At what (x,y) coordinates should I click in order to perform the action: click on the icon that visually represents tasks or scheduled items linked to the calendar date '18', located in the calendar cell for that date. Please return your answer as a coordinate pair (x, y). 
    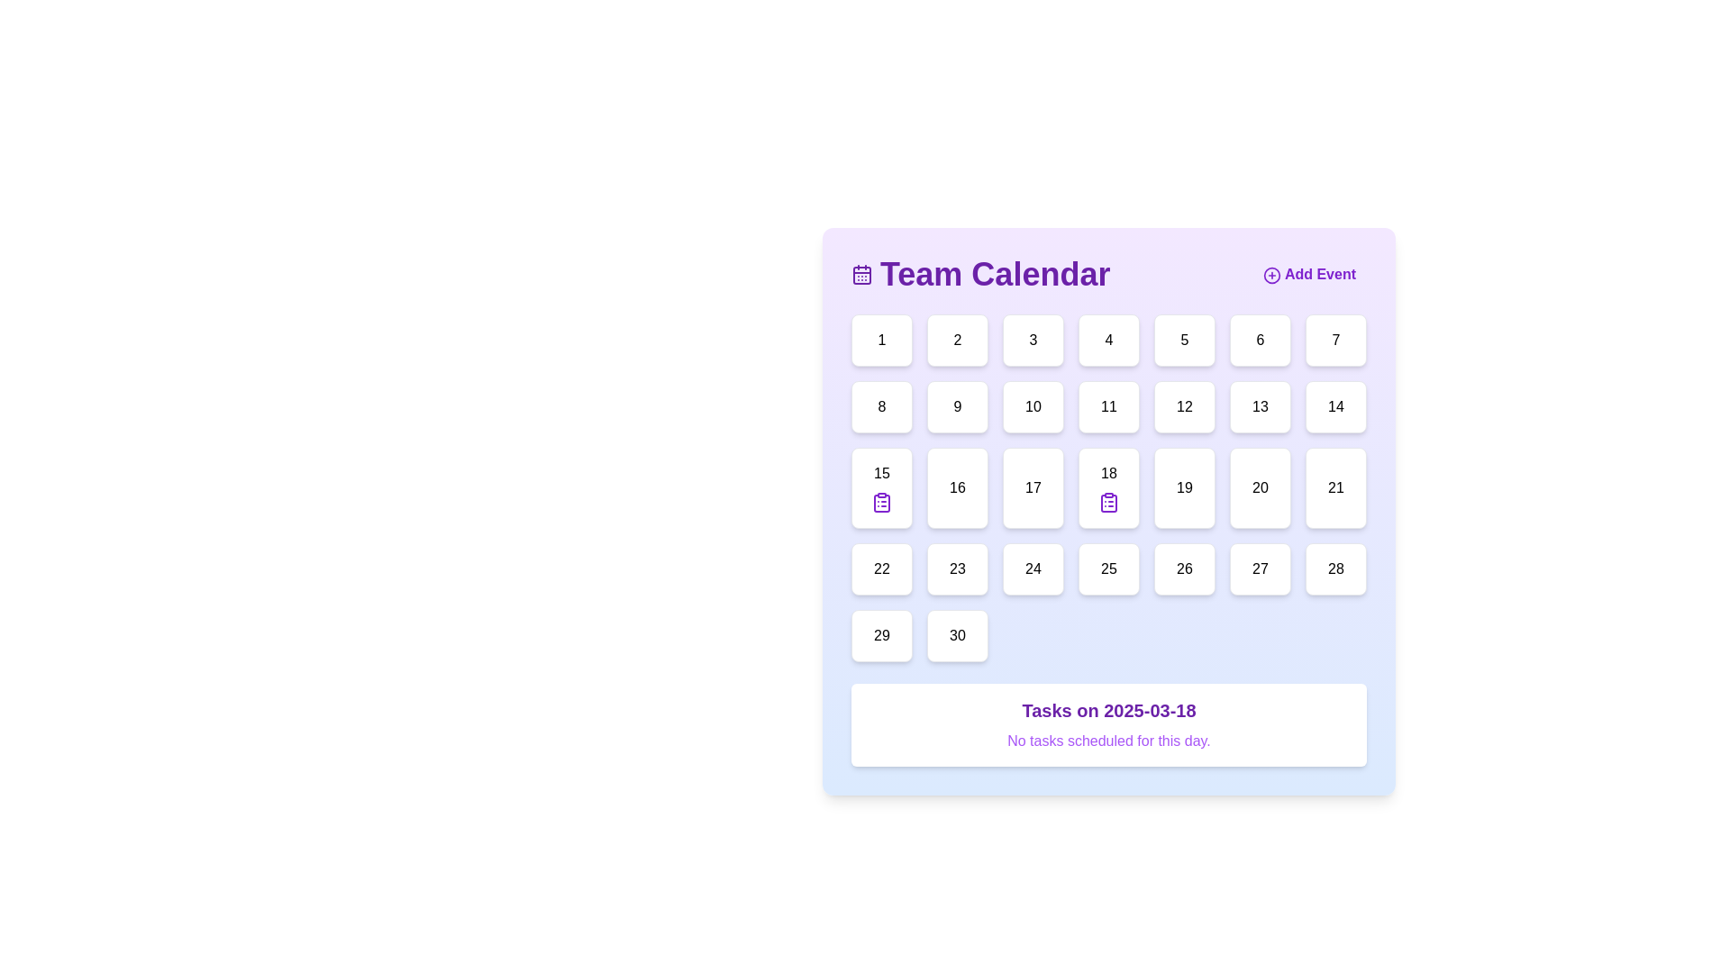
    Looking at the image, I should click on (1107, 503).